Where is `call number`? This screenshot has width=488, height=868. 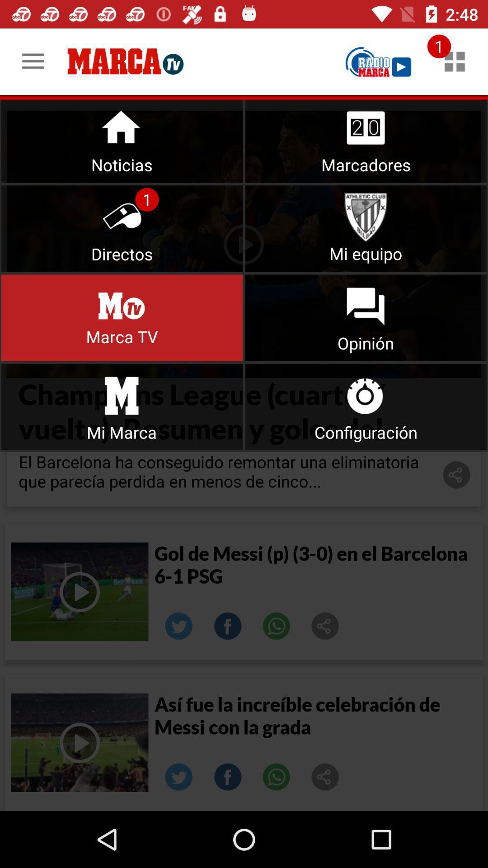
call number is located at coordinates (276, 626).